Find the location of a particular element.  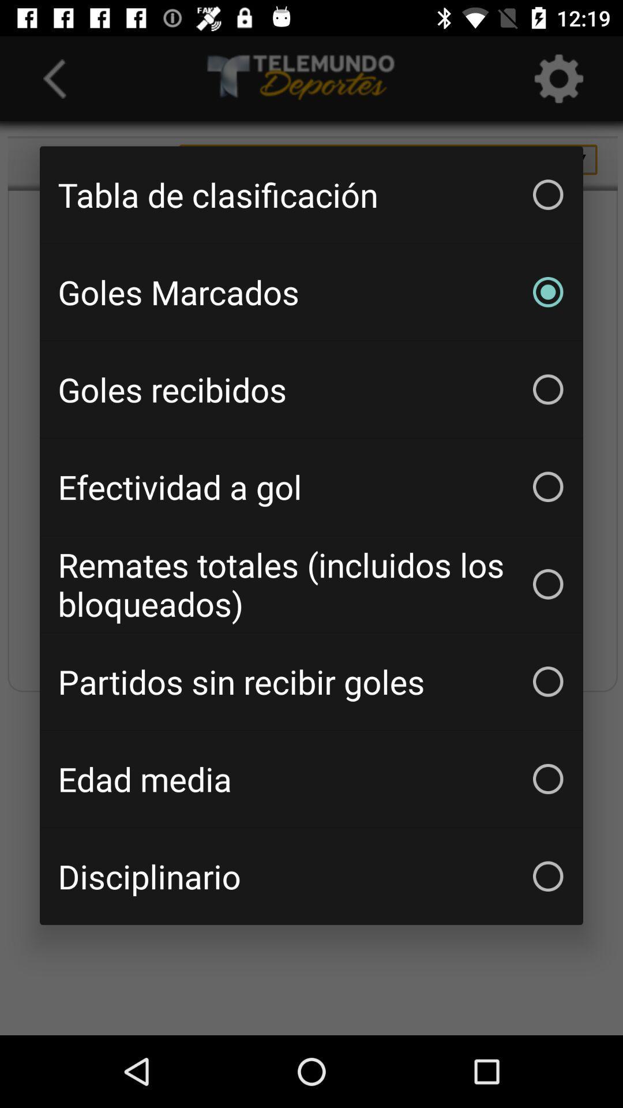

the item below the edad media icon is located at coordinates (311, 876).